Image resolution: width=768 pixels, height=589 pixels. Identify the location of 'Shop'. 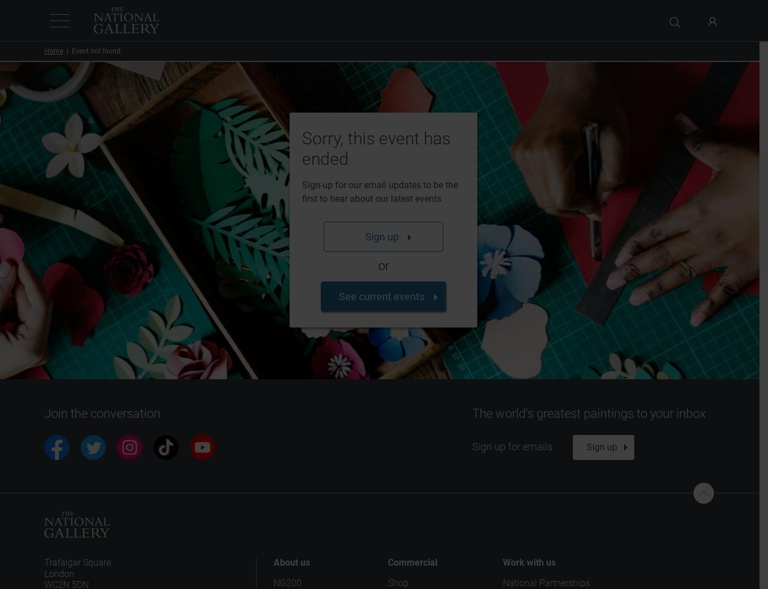
(397, 582).